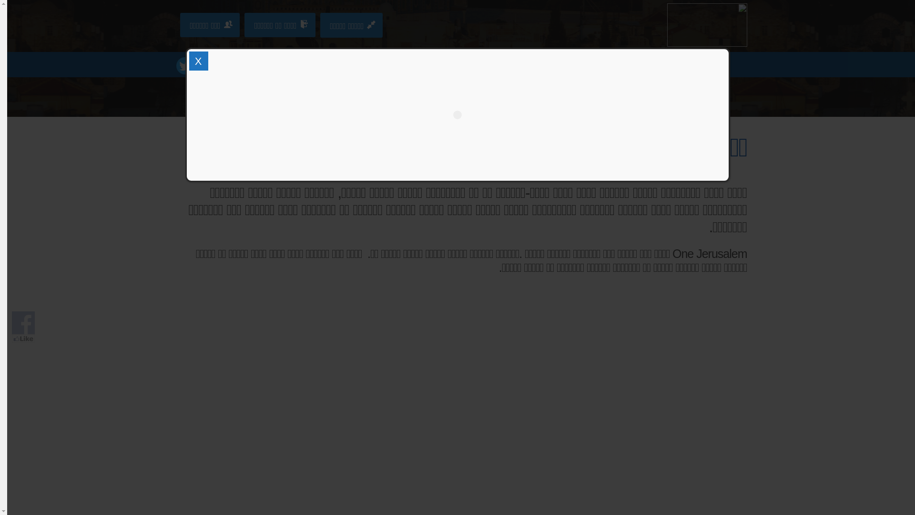 This screenshot has height=515, width=915. Describe the element at coordinates (185, 65) in the screenshot. I see `'twitter'` at that location.